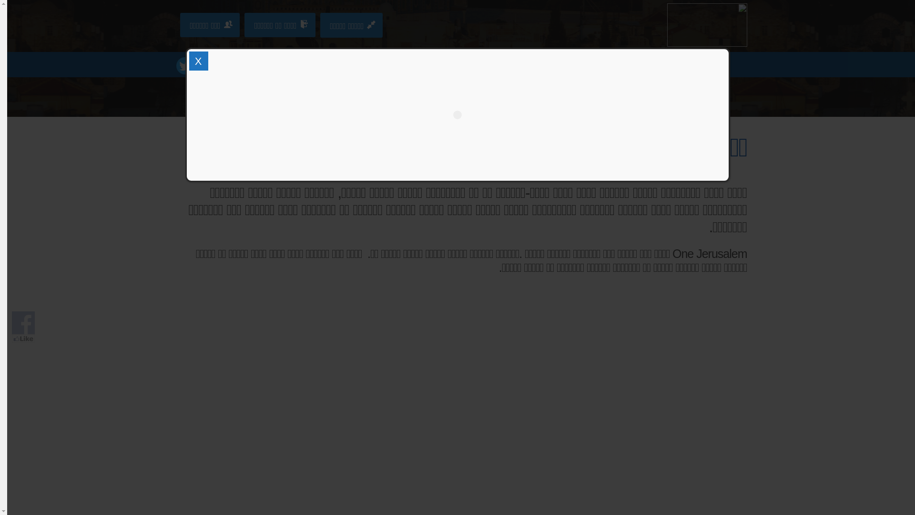 This screenshot has height=515, width=915. Describe the element at coordinates (185, 65) in the screenshot. I see `'twitter'` at that location.